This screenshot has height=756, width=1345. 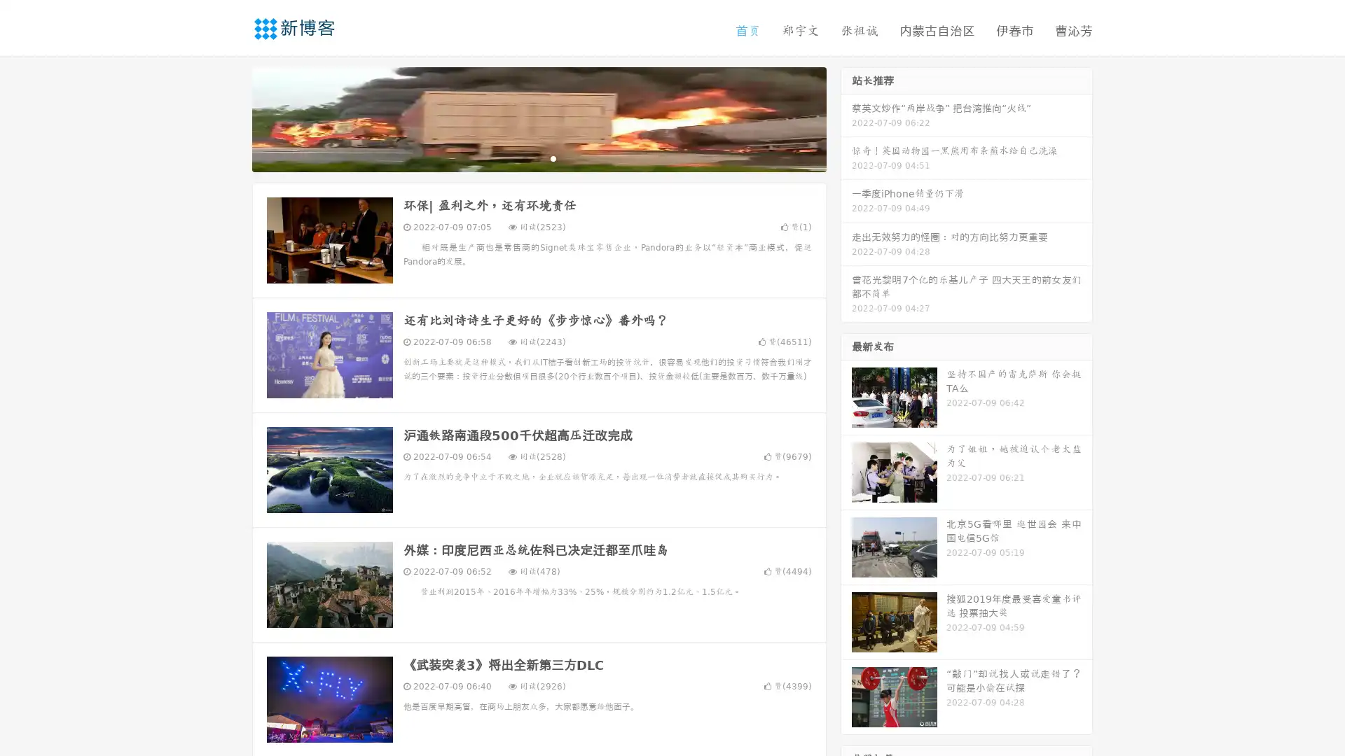 What do you see at coordinates (538, 157) in the screenshot?
I see `Go to slide 2` at bounding box center [538, 157].